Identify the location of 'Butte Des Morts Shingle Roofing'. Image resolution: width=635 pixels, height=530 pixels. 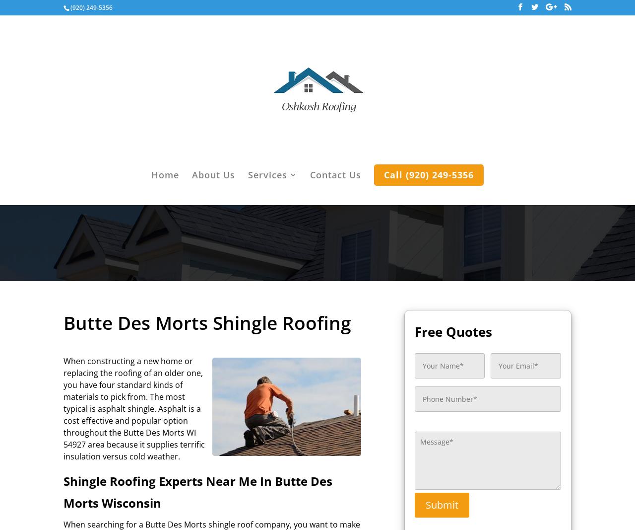
(63, 322).